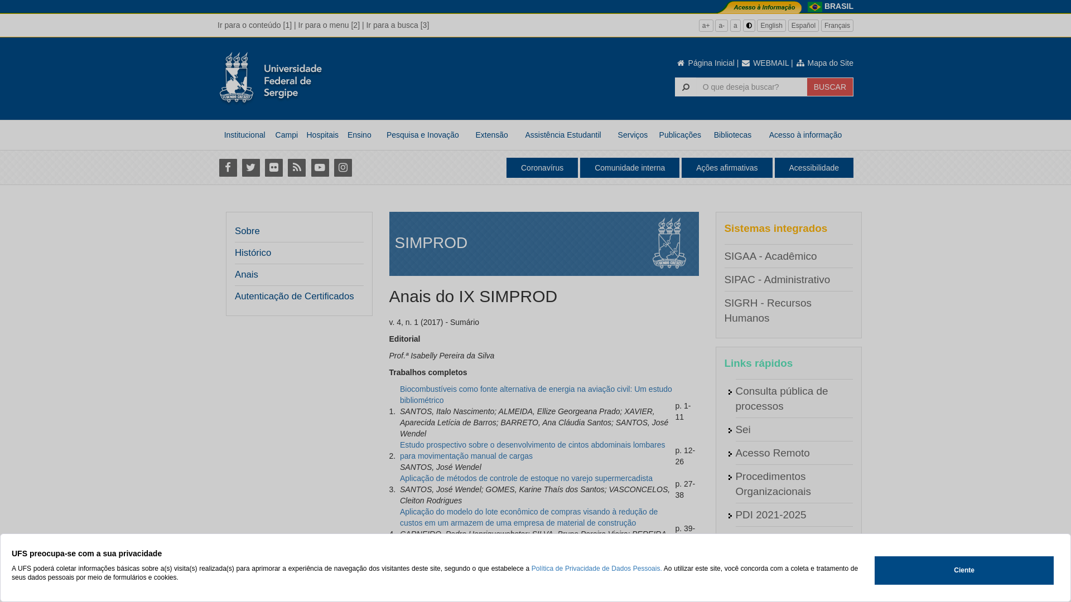 This screenshot has height=602, width=1071. I want to click on 'Anais', so click(245, 275).